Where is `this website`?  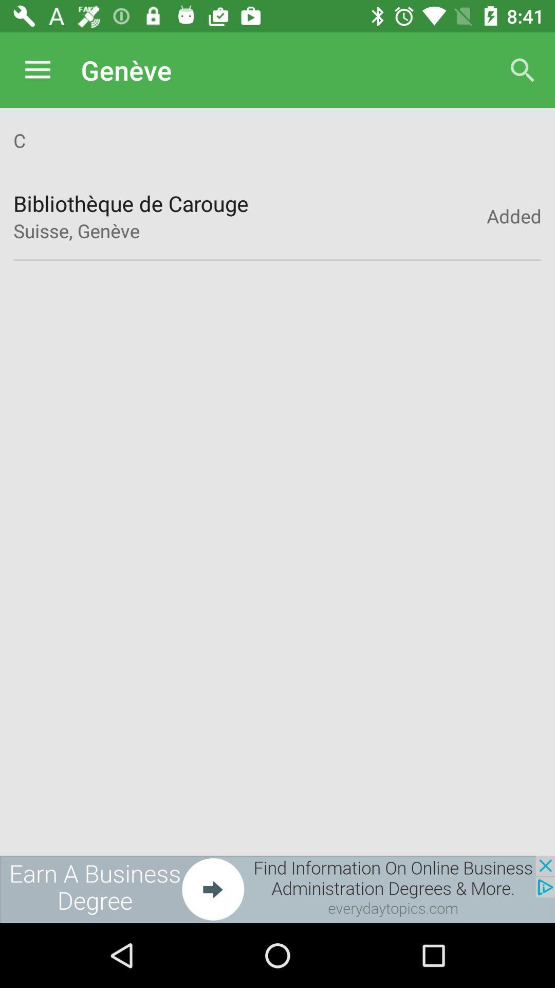
this website is located at coordinates (277, 889).